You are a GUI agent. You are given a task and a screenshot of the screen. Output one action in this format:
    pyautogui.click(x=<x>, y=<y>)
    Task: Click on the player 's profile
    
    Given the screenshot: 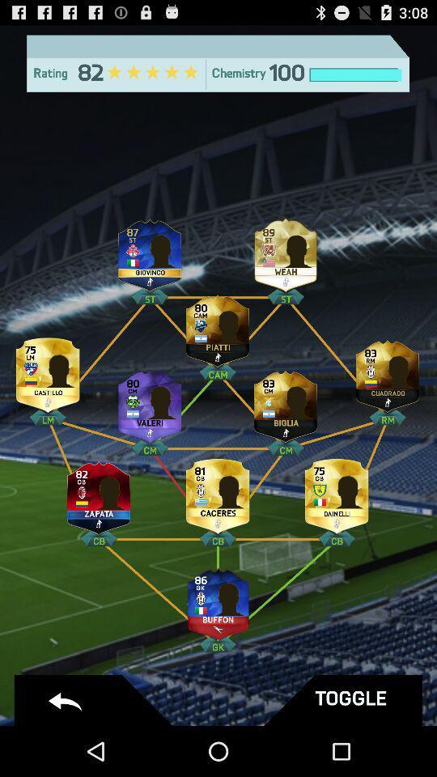 What is the action you would take?
    pyautogui.click(x=150, y=252)
    